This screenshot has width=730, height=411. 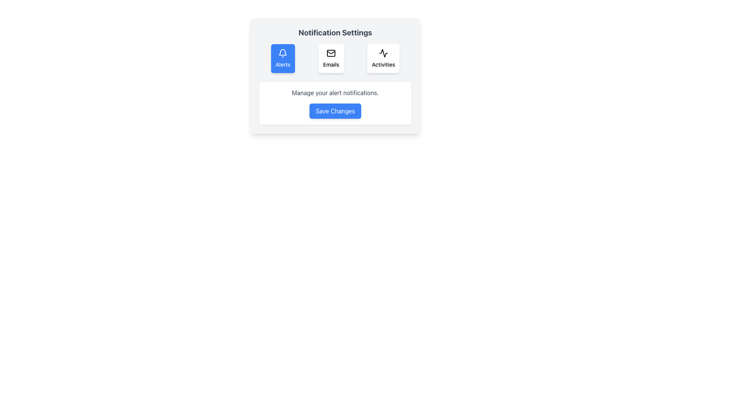 I want to click on the 'Alerts' icon located at the center of the blue rectangle in the 'Notification Settings' section, so click(x=282, y=52).